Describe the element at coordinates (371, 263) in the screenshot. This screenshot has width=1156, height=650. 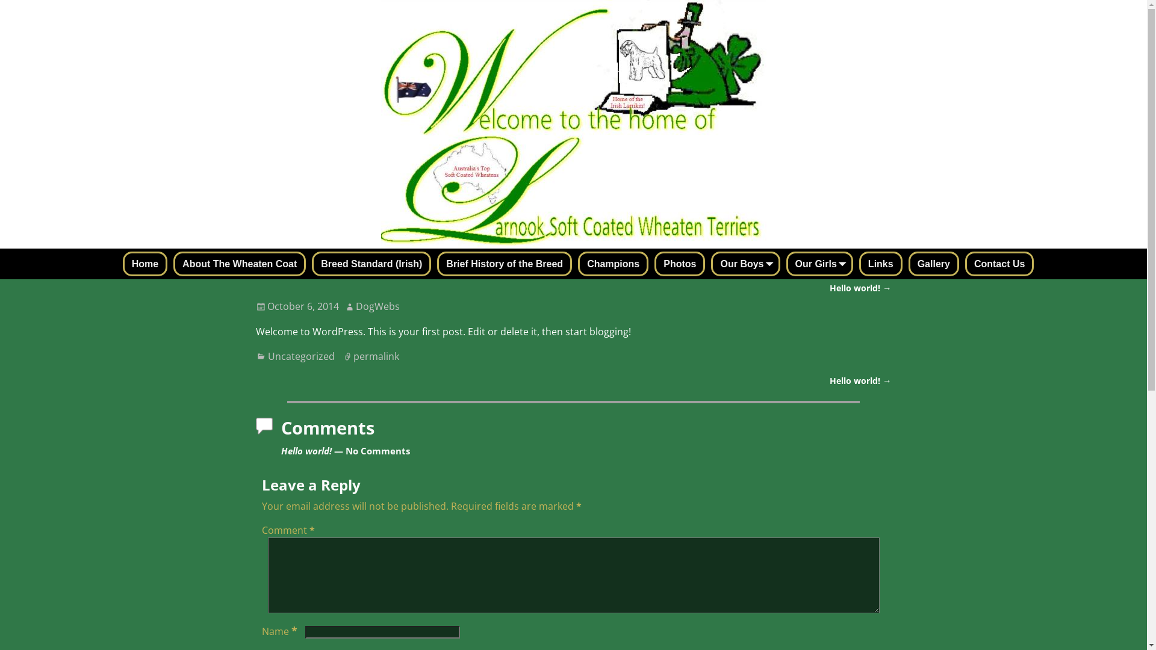
I see `'Breed Standard (Irish)'` at that location.